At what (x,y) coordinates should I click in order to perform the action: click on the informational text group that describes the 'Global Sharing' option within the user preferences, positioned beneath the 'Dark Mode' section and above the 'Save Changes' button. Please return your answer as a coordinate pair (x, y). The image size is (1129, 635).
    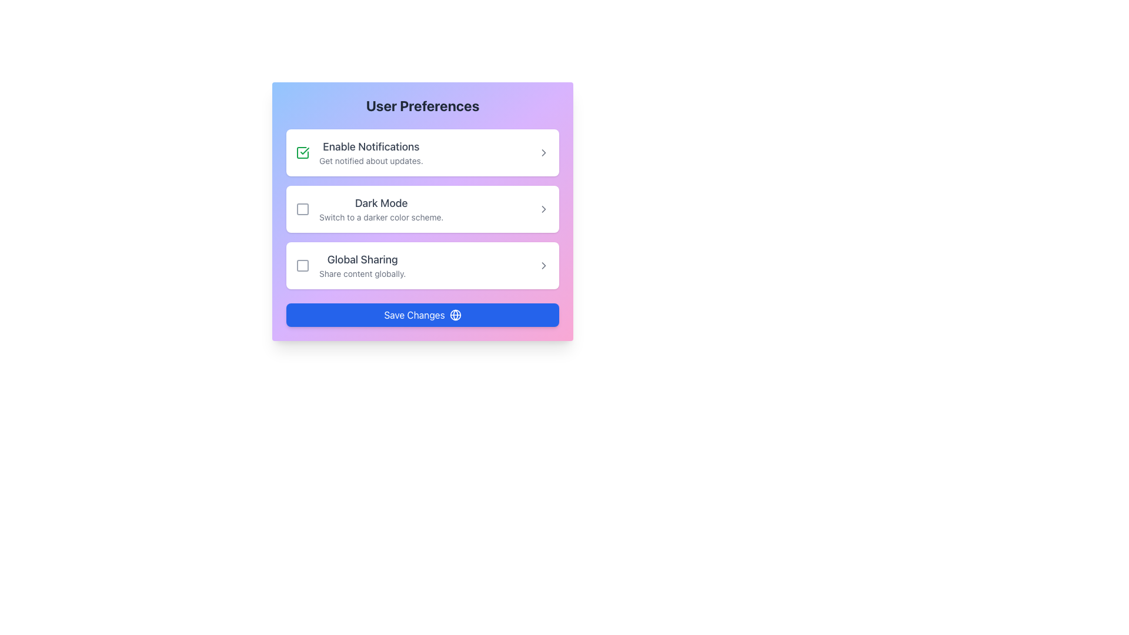
    Looking at the image, I should click on (362, 265).